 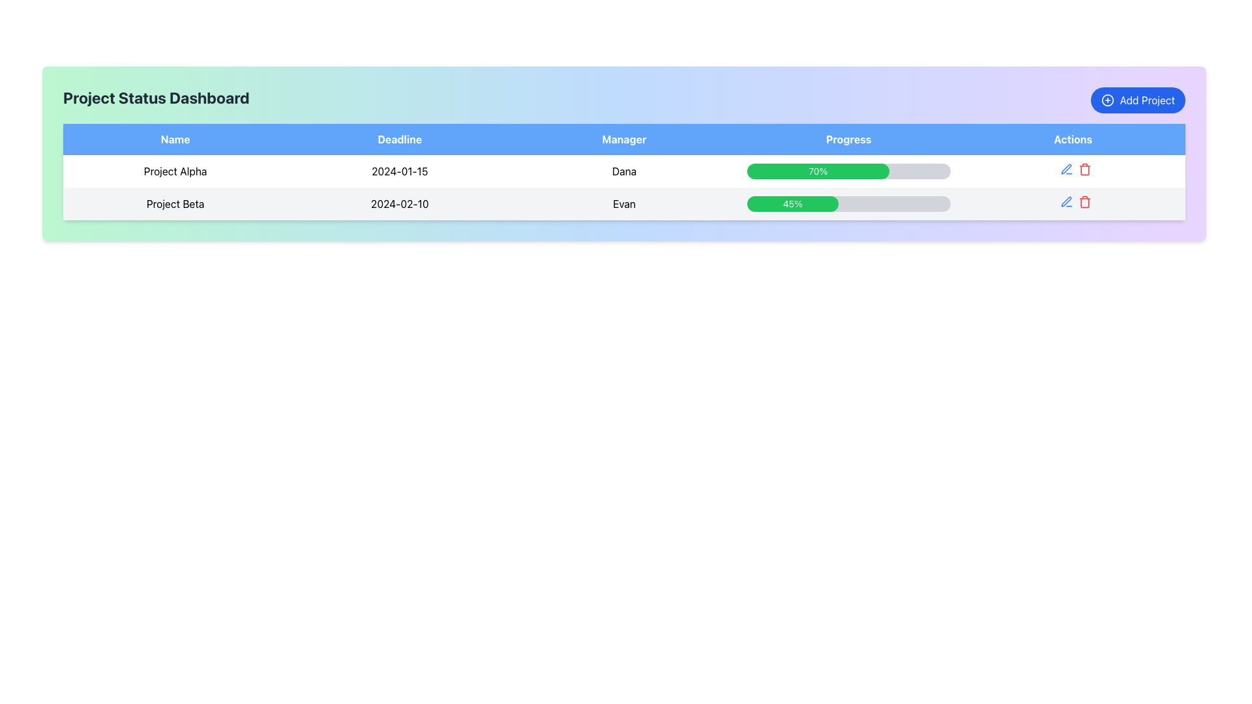 What do you see at coordinates (1084, 168) in the screenshot?
I see `the delete button located in the 'Actions' column of the second row for the 'Project Beta' entry` at bounding box center [1084, 168].